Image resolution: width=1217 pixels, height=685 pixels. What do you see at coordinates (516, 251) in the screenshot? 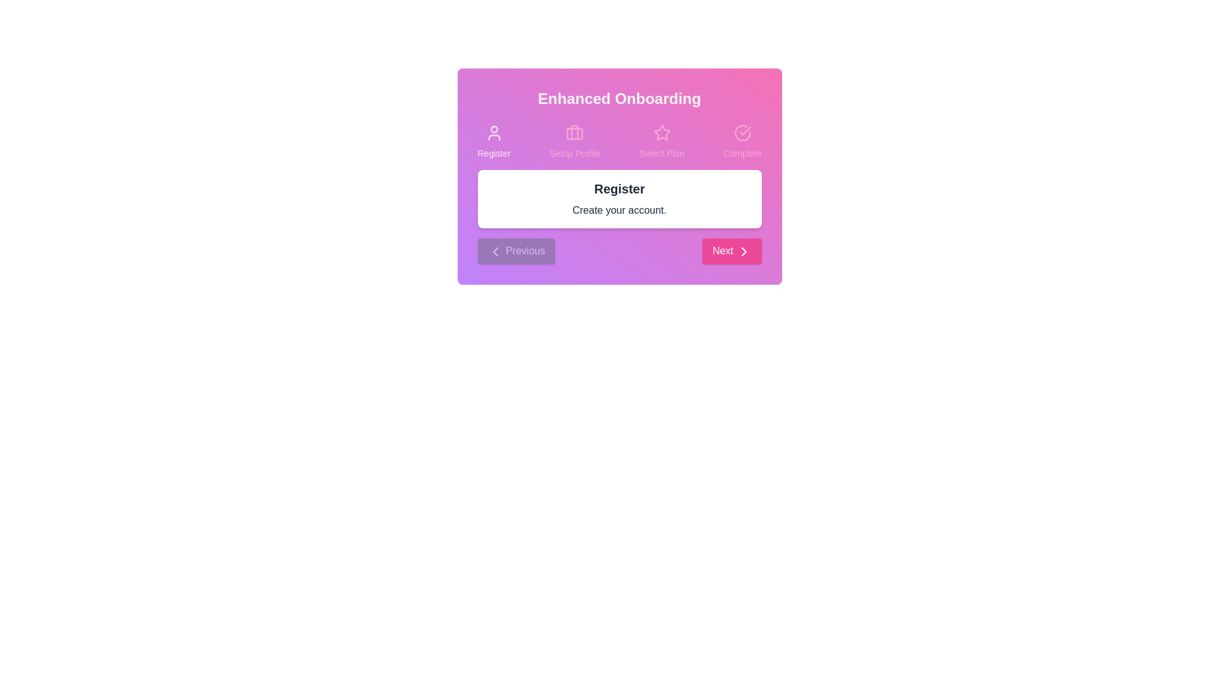
I see `the 'Previous' button to navigate to the previous step` at bounding box center [516, 251].